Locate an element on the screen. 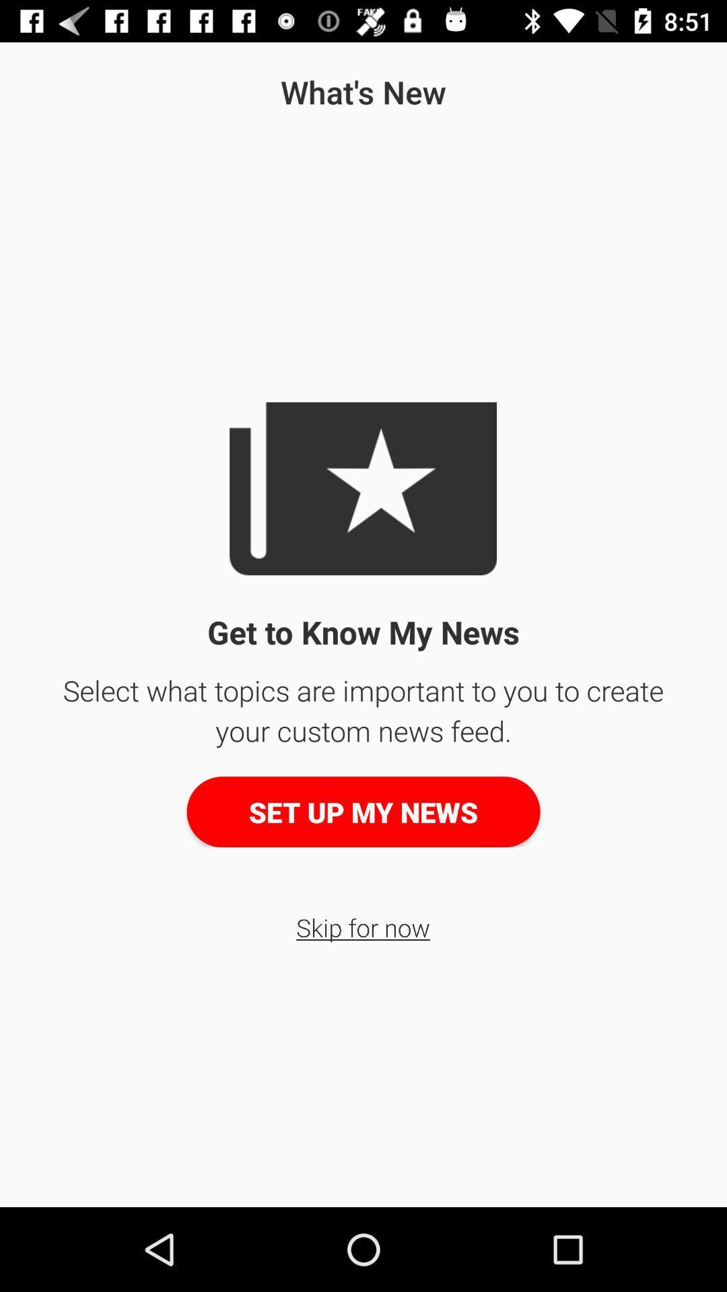 This screenshot has height=1292, width=727. the icon above the skip for now app is located at coordinates (363, 811).